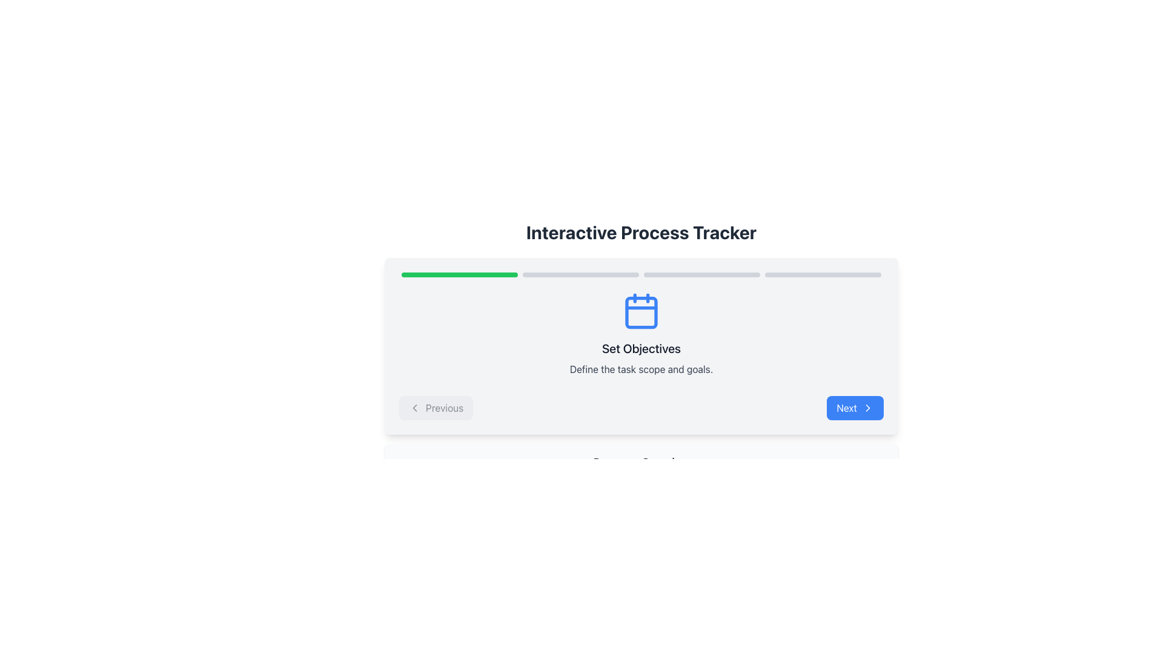  I want to click on the progress bar that indicates the user's advancement through a four-step process, located centrally near the top of the 'Set Objectives Define the task scope and goals' section, so click(641, 275).